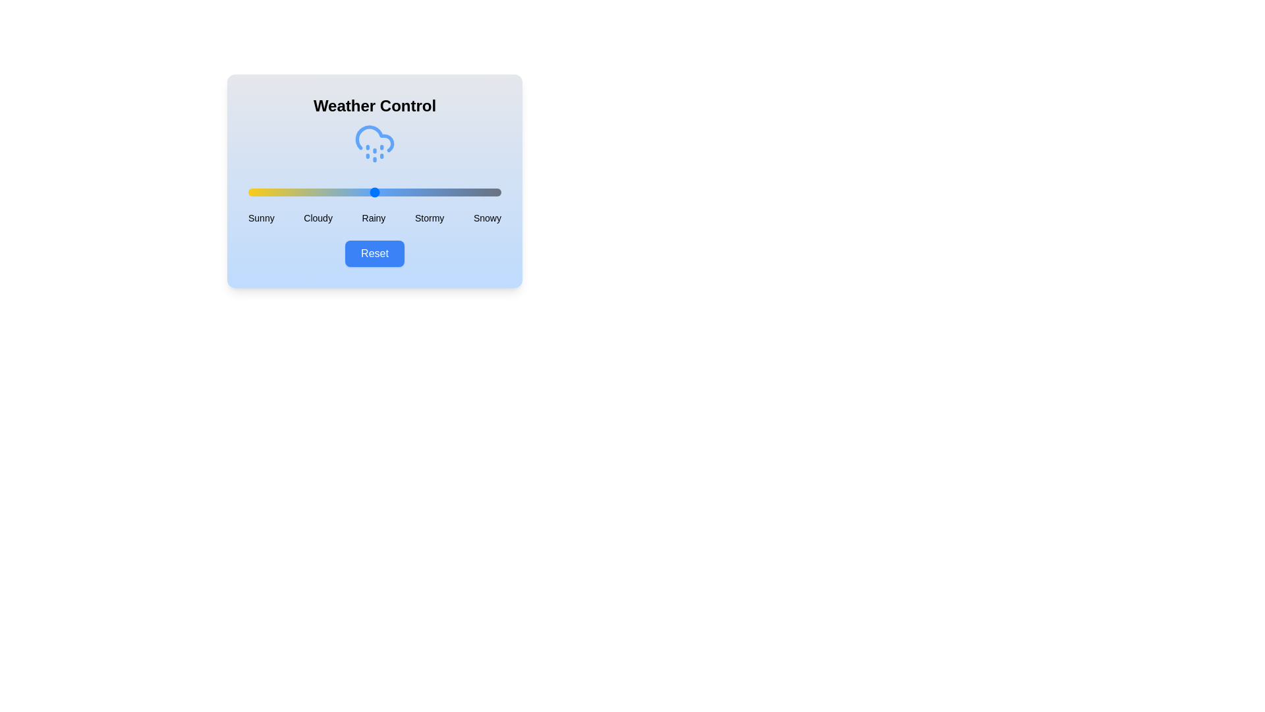 The image size is (1265, 712). What do you see at coordinates (260, 218) in the screenshot?
I see `the weather condition label Sunny to select it` at bounding box center [260, 218].